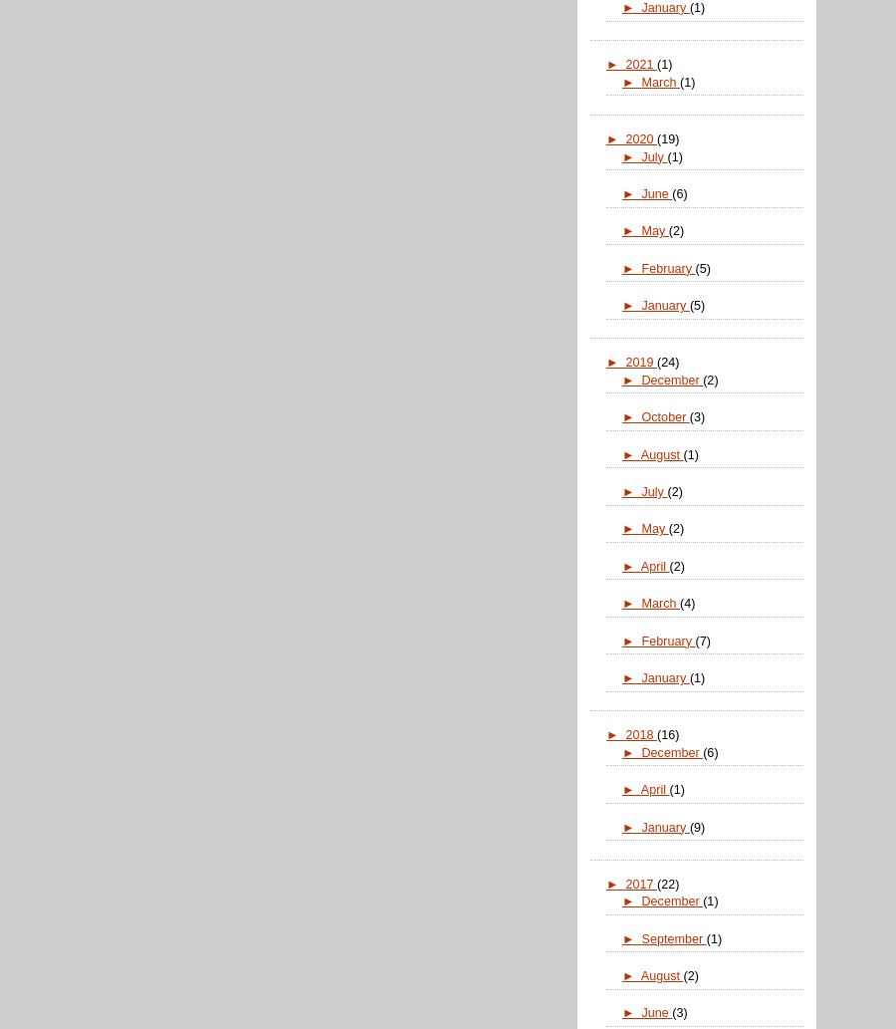 Image resolution: width=896 pixels, height=1029 pixels. Describe the element at coordinates (668, 734) in the screenshot. I see `'(16)'` at that location.